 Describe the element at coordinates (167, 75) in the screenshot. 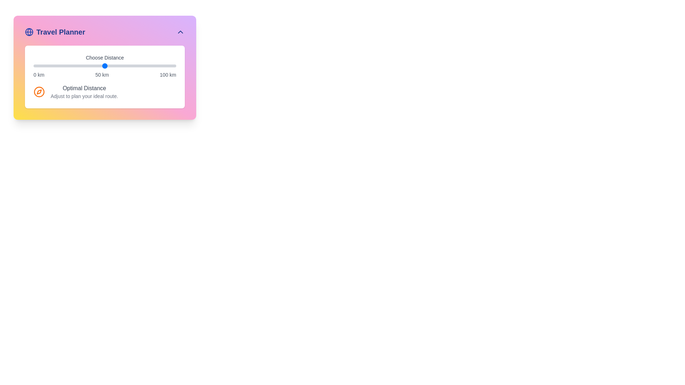

I see `the label displaying '100 km', which is the last label in the sequence beneath the slider component in the Travel Planner interface` at that location.